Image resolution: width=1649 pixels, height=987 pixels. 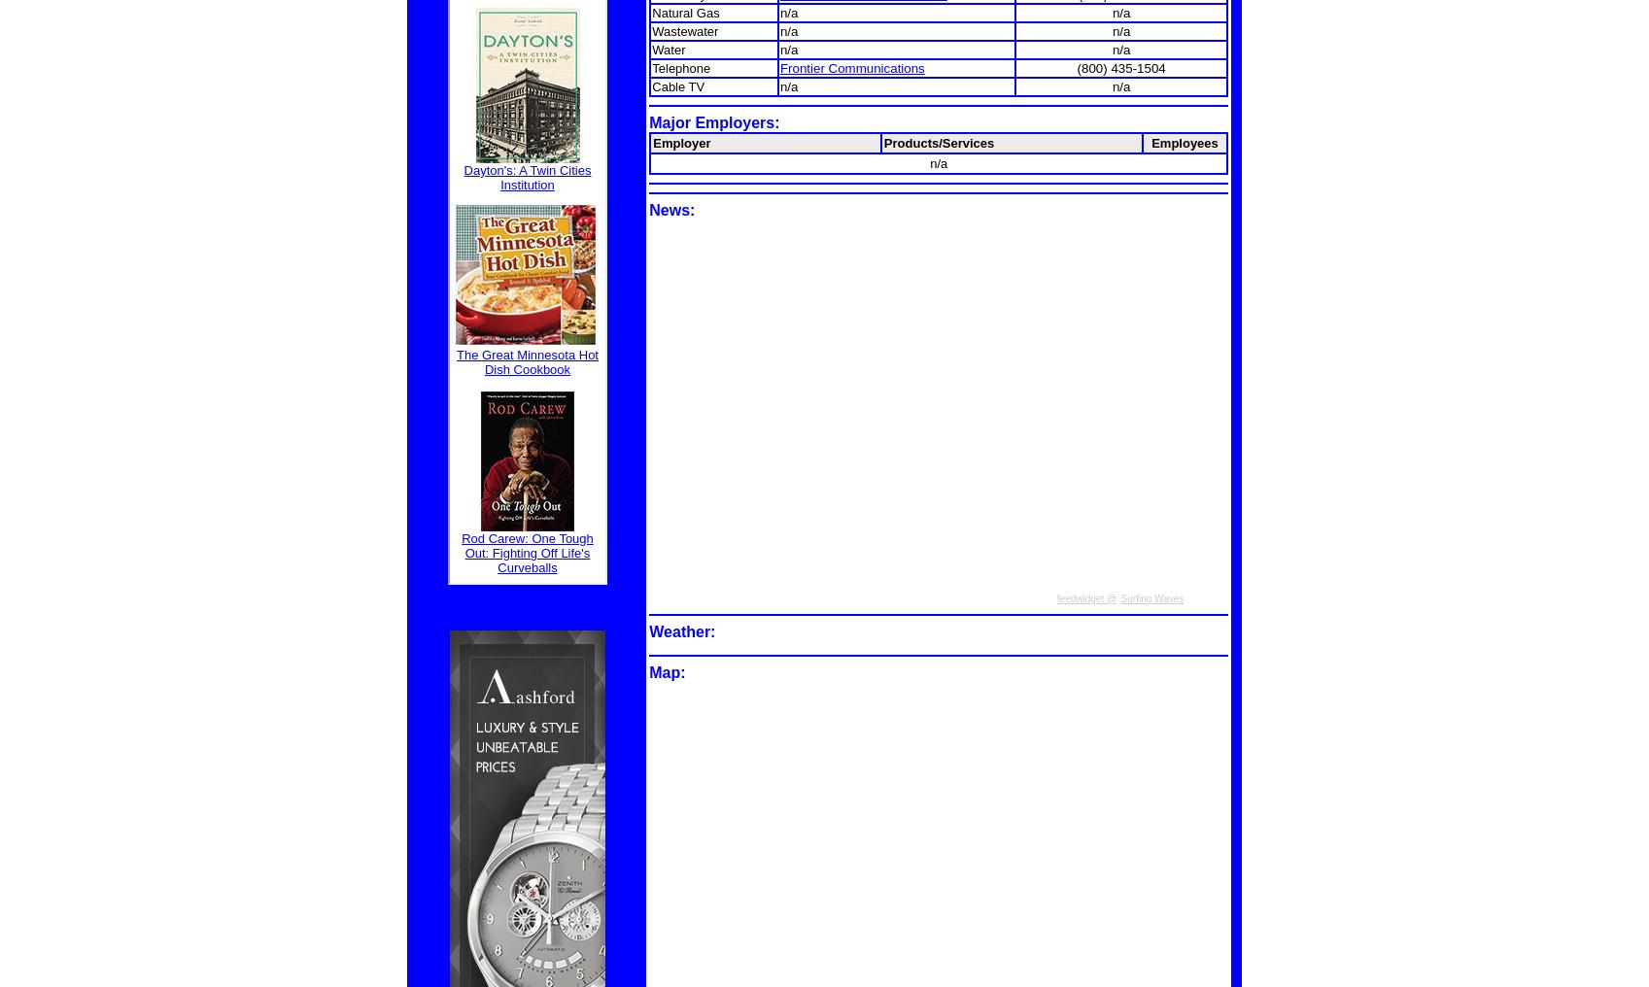 I want to click on 'Natural Gas', so click(x=684, y=11).